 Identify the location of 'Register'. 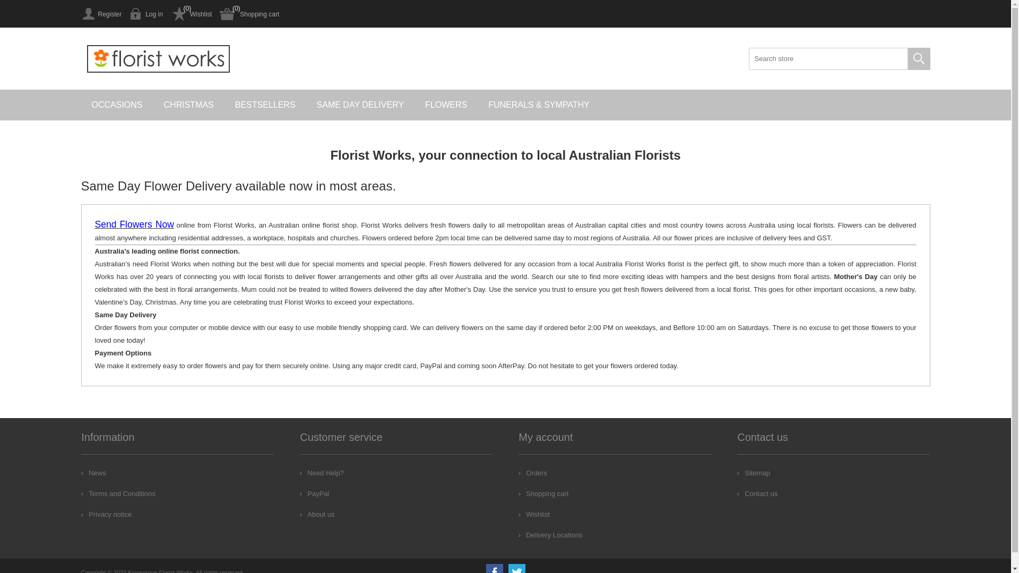
(101, 14).